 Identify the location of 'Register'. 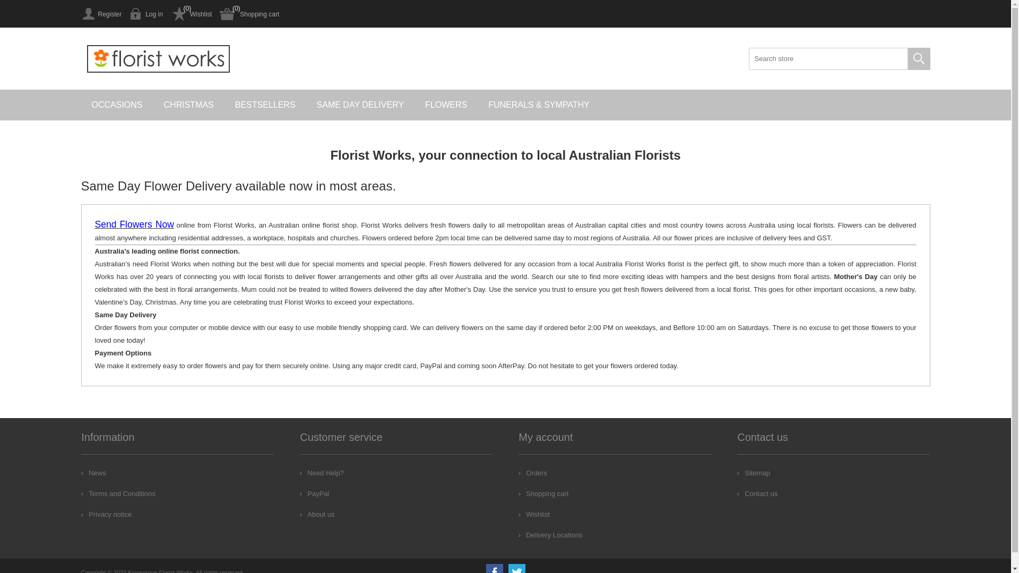
(101, 14).